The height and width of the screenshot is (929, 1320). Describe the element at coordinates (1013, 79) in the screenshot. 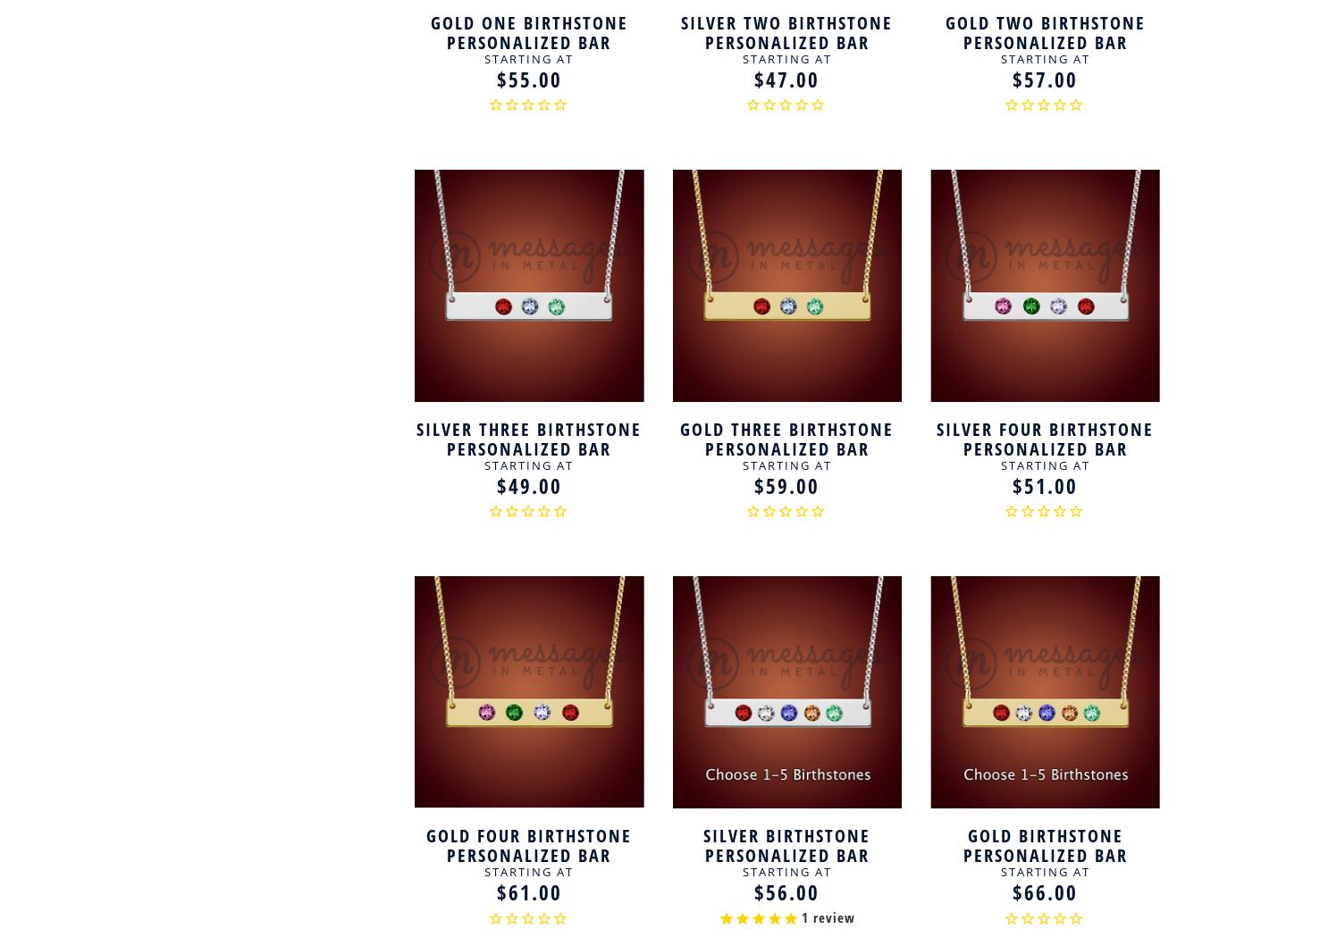

I see `'$57.00'` at that location.